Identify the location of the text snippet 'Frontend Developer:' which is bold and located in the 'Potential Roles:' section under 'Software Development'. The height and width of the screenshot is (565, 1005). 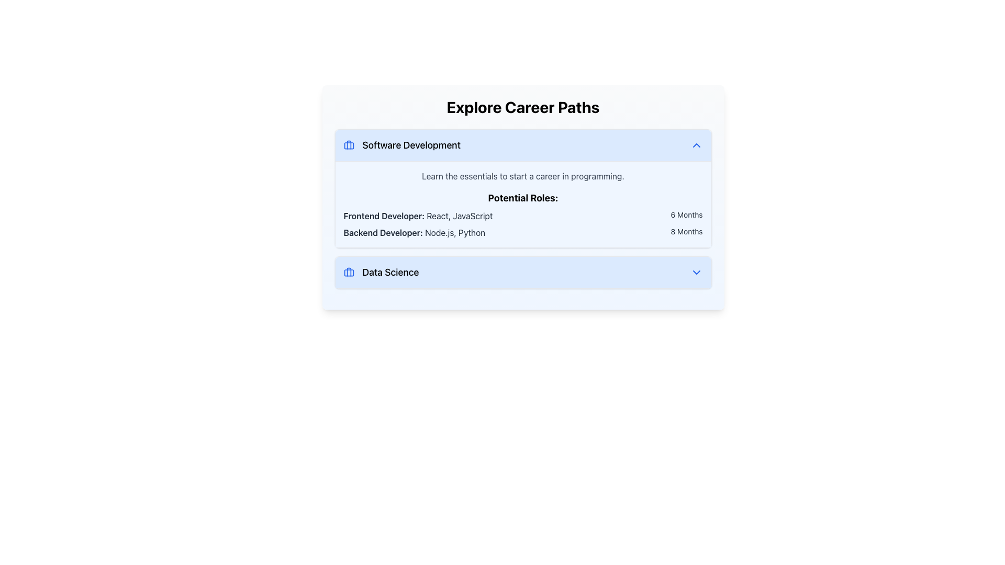
(383, 215).